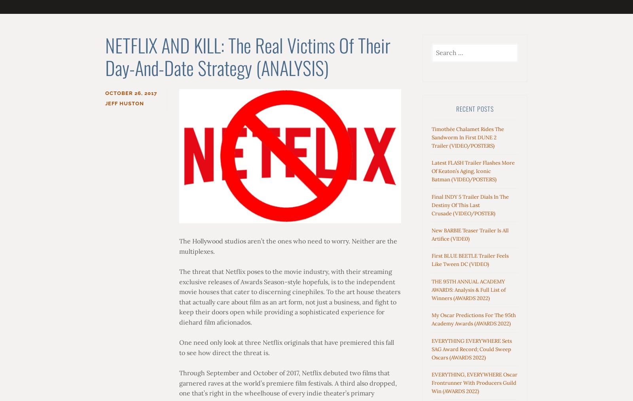 The width and height of the screenshot is (633, 401). What do you see at coordinates (474, 319) in the screenshot?
I see `'My Oscar Predictions For The 95th Academy Awards (AWARDS 2022)'` at bounding box center [474, 319].